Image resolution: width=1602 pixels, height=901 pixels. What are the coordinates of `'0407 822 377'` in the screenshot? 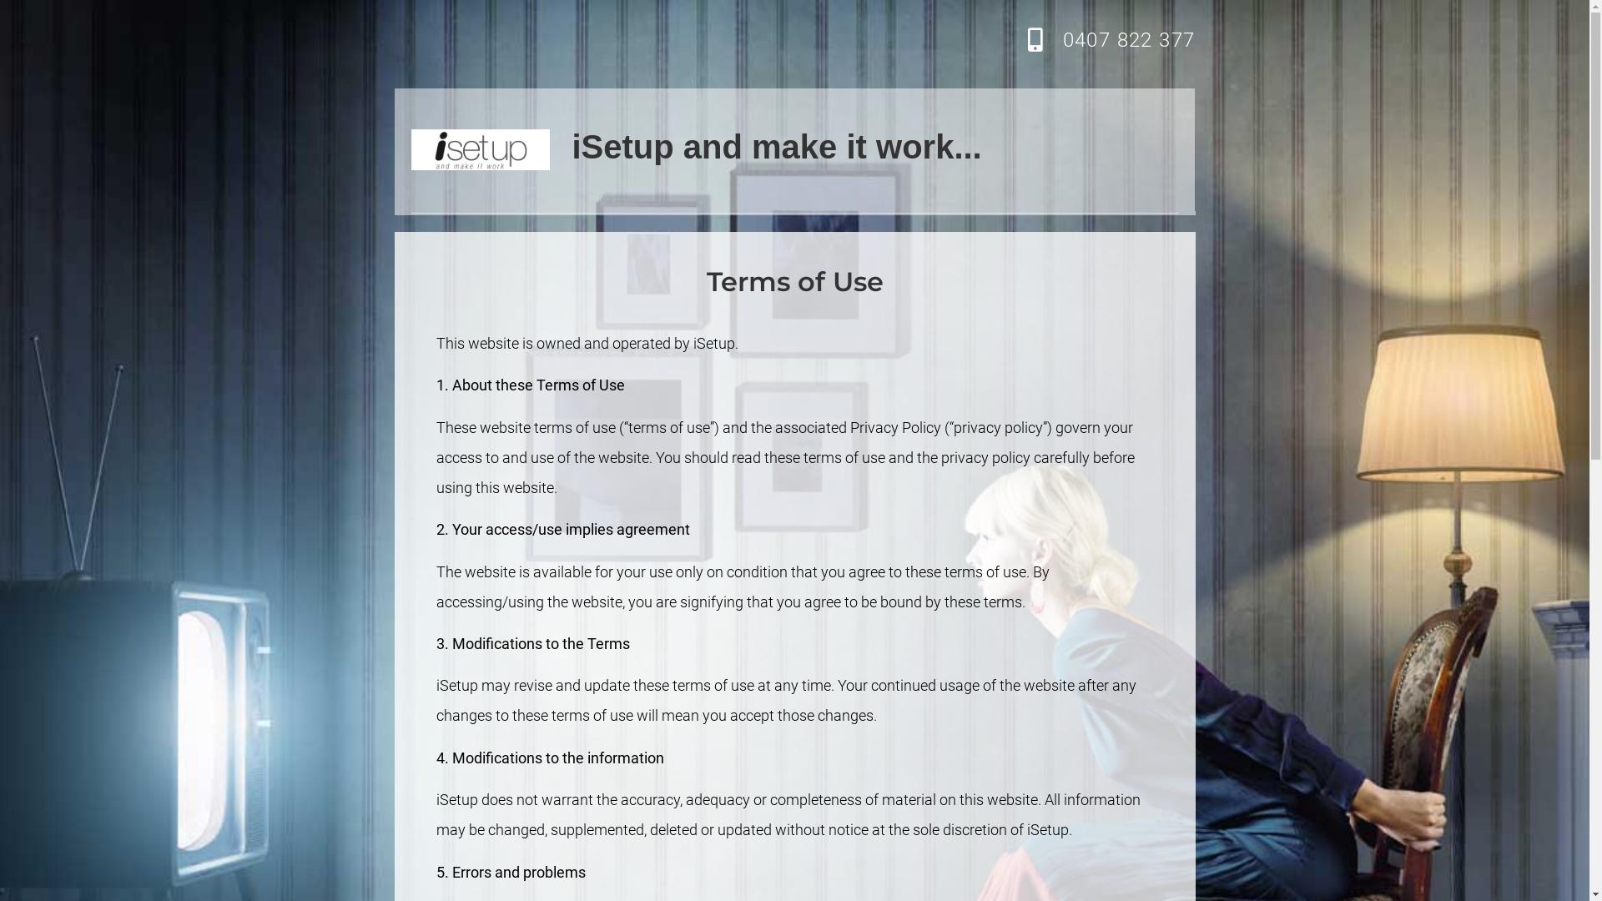 It's located at (1129, 38).